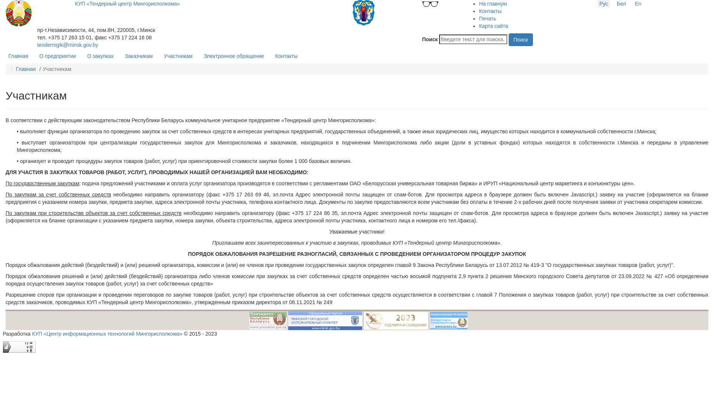 This screenshot has width=714, height=401. Describe the element at coordinates (68, 45) in the screenshot. I see `'tendermgik@minsk.gov.by'` at that location.